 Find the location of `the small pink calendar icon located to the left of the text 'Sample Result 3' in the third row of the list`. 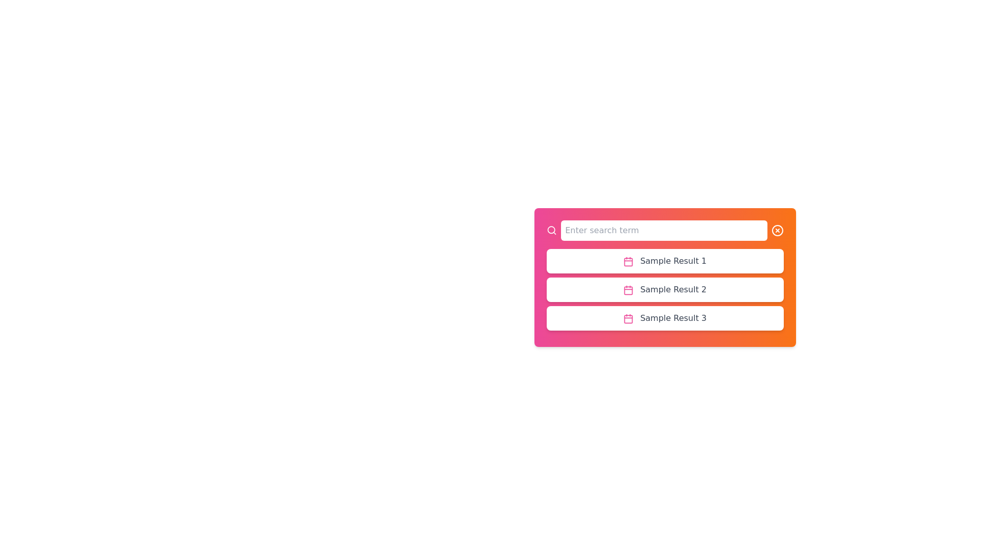

the small pink calendar icon located to the left of the text 'Sample Result 3' in the third row of the list is located at coordinates (628, 318).